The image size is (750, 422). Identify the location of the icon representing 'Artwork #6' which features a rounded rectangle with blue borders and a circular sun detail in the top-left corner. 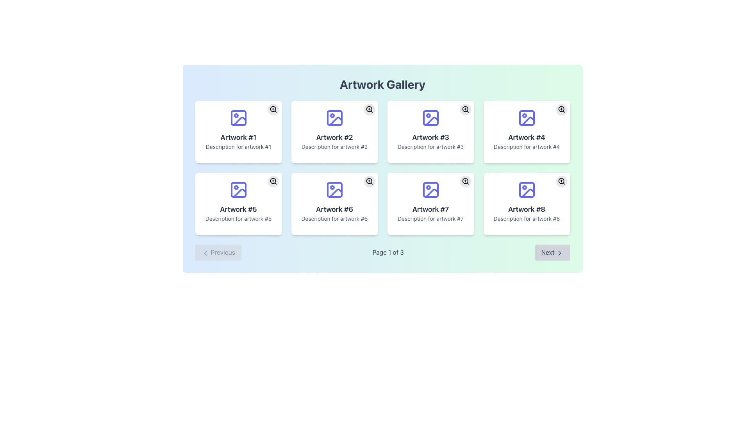
(334, 190).